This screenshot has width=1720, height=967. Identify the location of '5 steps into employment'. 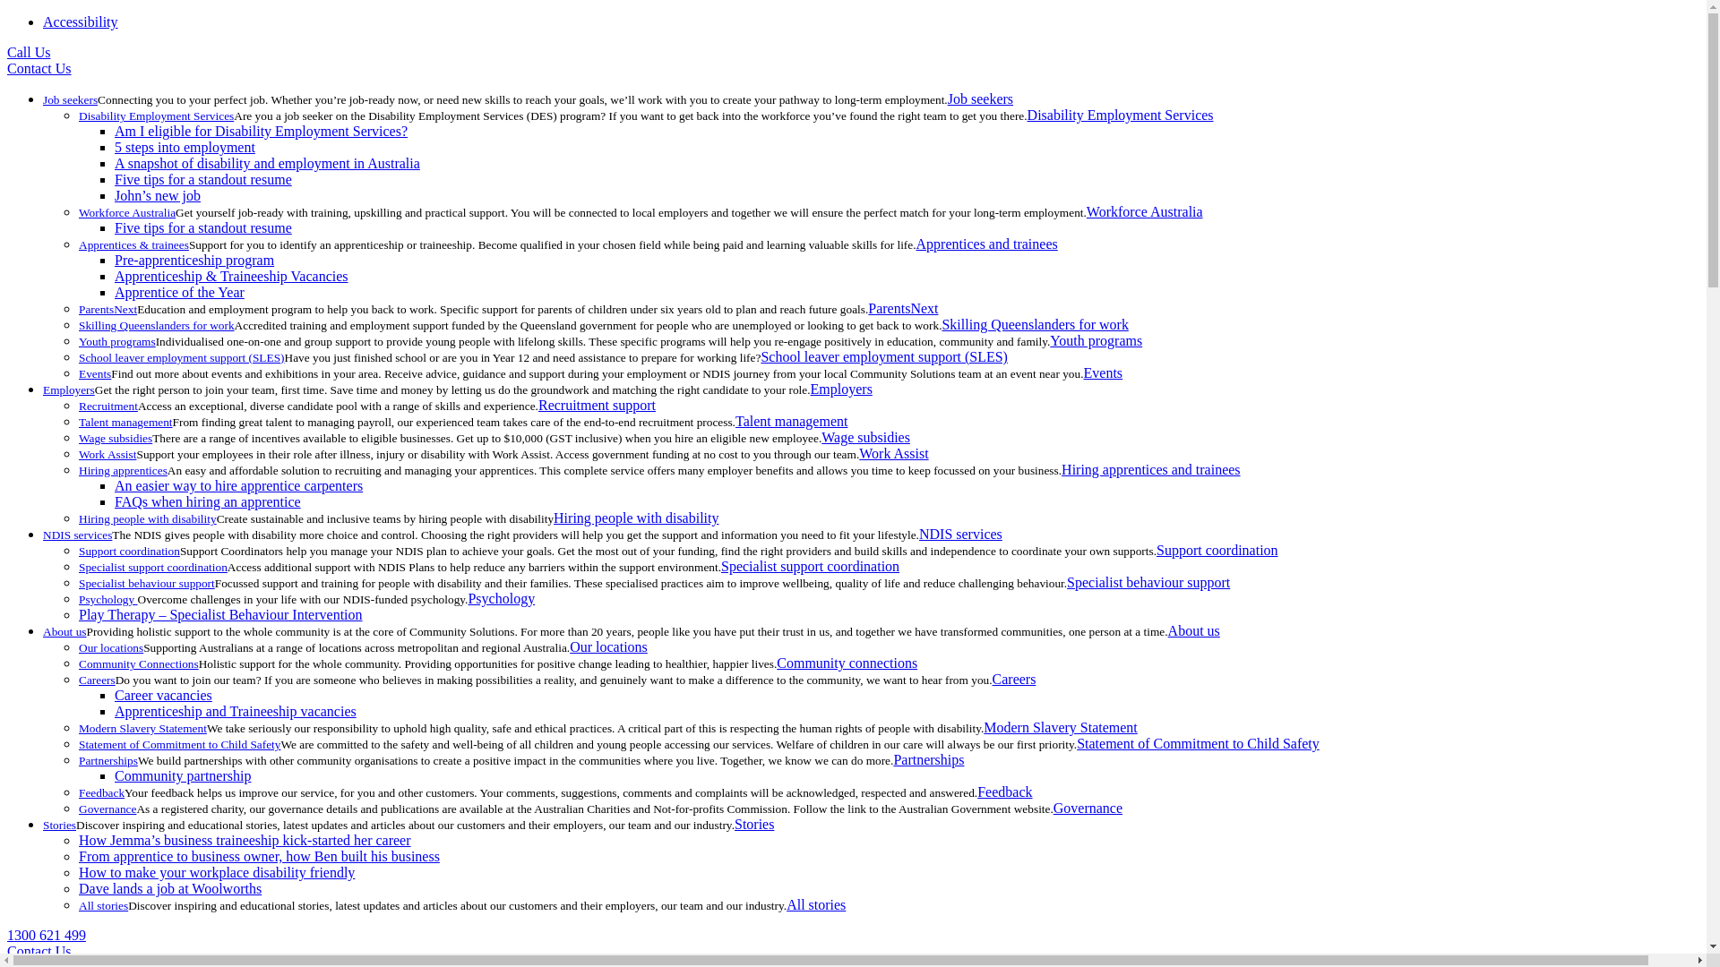
(114, 146).